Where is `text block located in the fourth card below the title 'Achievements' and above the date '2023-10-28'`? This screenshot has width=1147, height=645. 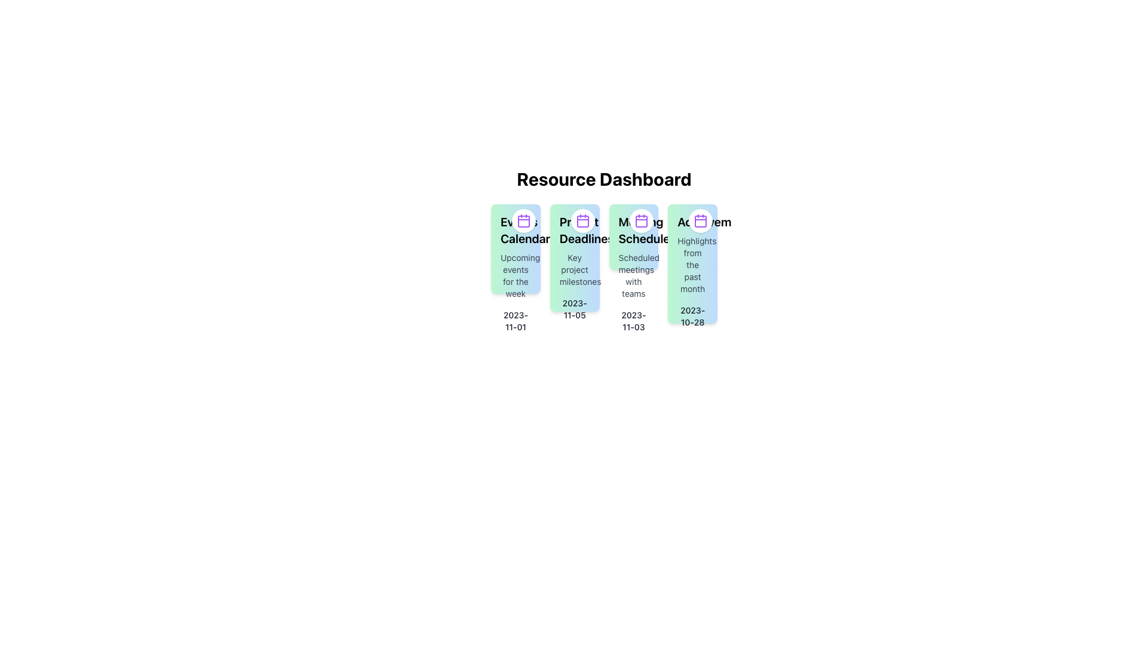
text block located in the fourth card below the title 'Achievements' and above the date '2023-10-28' is located at coordinates (692, 264).